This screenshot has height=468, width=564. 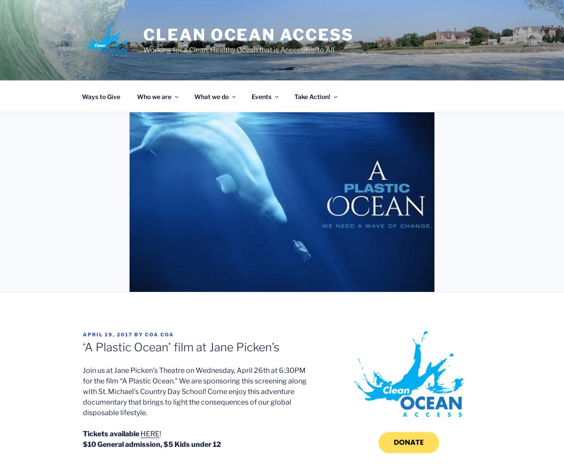 I want to click on 'April 19, 2017', so click(x=107, y=334).